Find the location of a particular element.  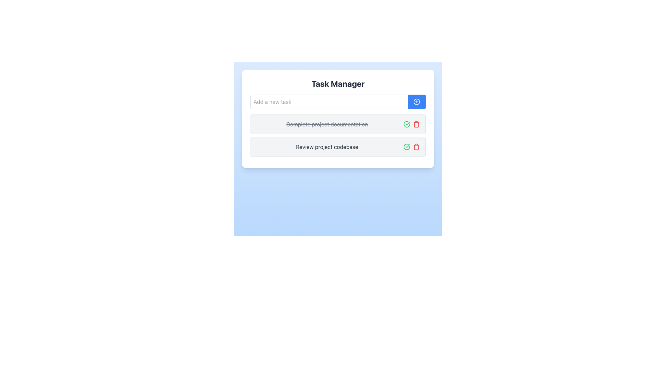

the red trashcan icon is located at coordinates (416, 146).